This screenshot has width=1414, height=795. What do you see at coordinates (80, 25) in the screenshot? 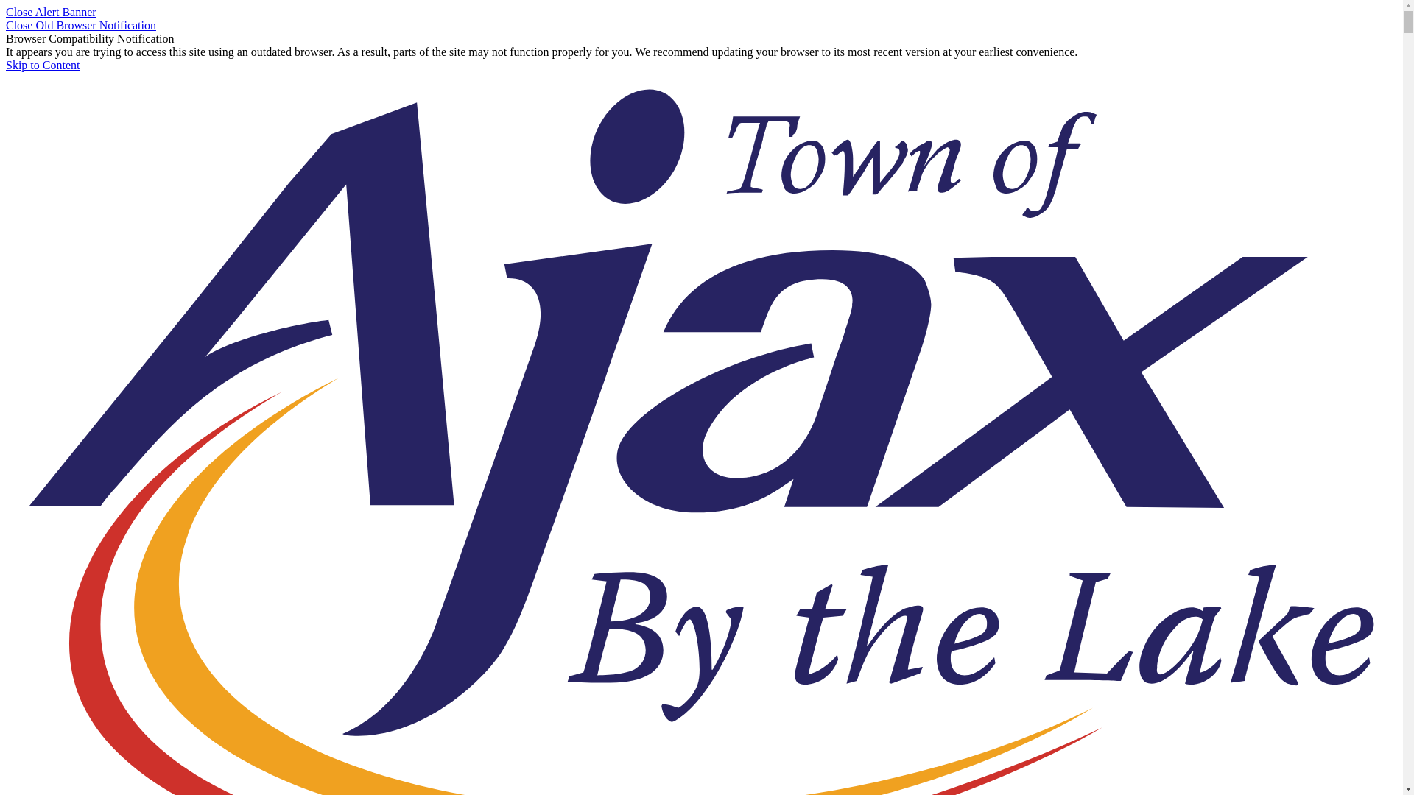
I see `'Close Old Browser Notification'` at bounding box center [80, 25].